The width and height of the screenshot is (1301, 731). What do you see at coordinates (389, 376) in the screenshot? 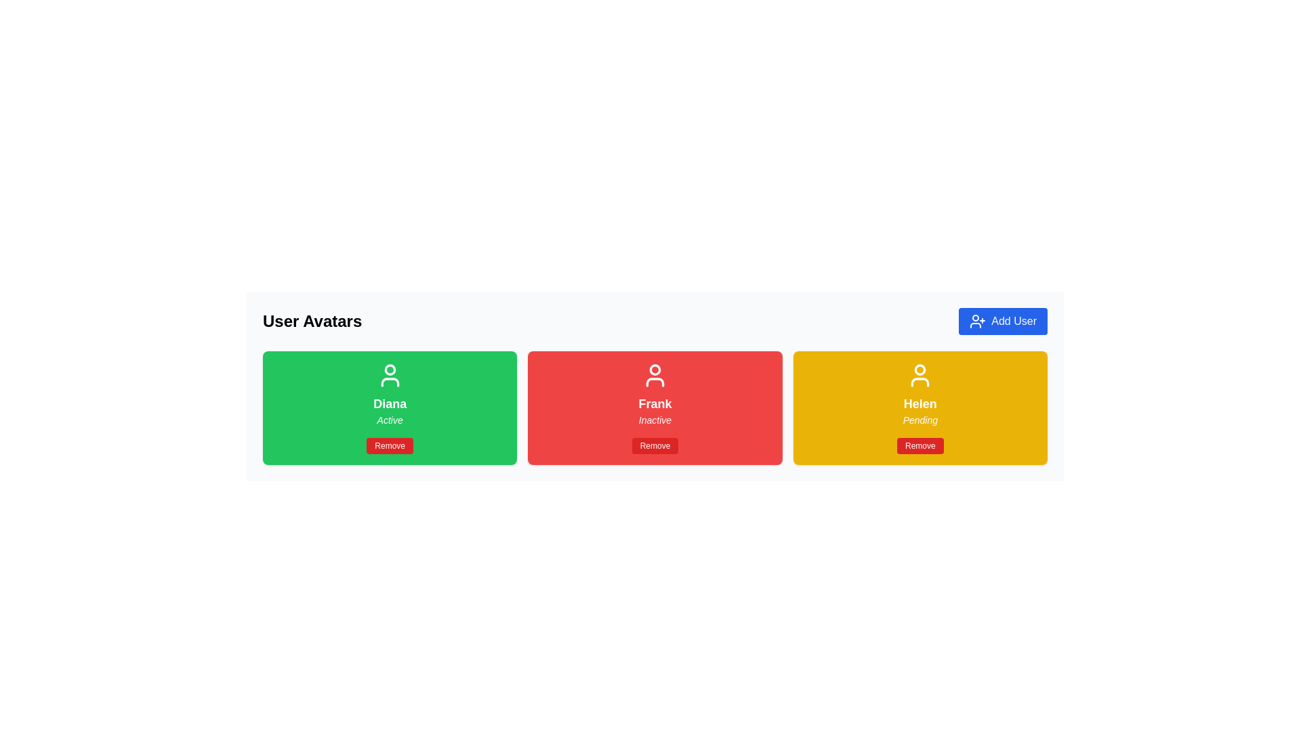
I see `the user icon styled as a minimalist outline of a person located at the center-top of the card labeled 'Diana', above the text 'Active'` at bounding box center [389, 376].